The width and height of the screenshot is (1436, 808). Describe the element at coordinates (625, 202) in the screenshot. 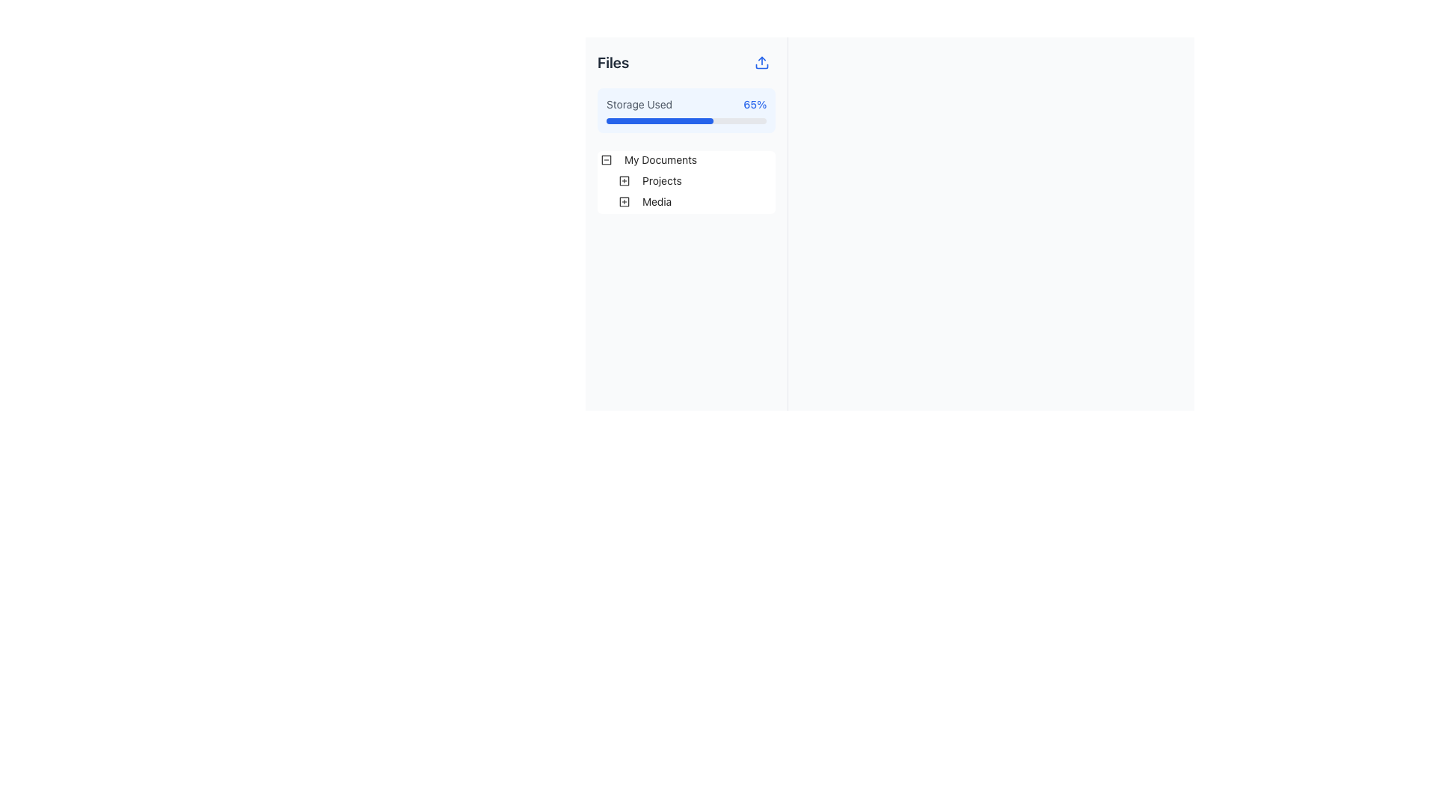

I see `the square button with a plus symbol located next to the 'Media' folder label under the 'My Documents' section` at that location.